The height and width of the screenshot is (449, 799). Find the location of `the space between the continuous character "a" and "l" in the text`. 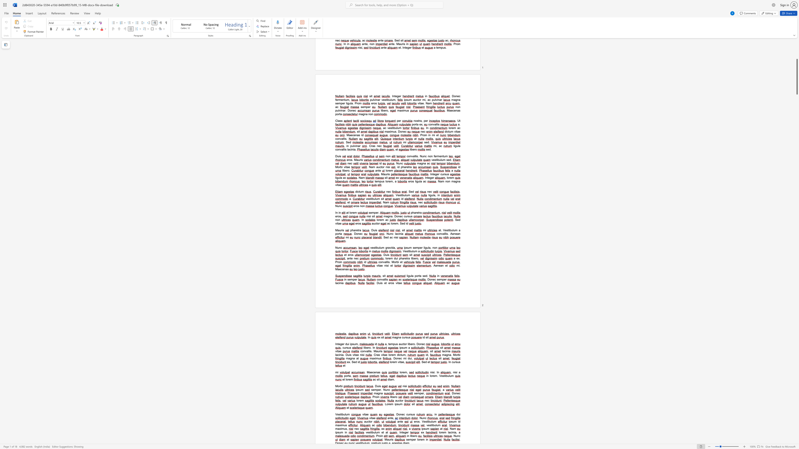

the space between the continuous character "a" and "l" in the text is located at coordinates (368, 351).